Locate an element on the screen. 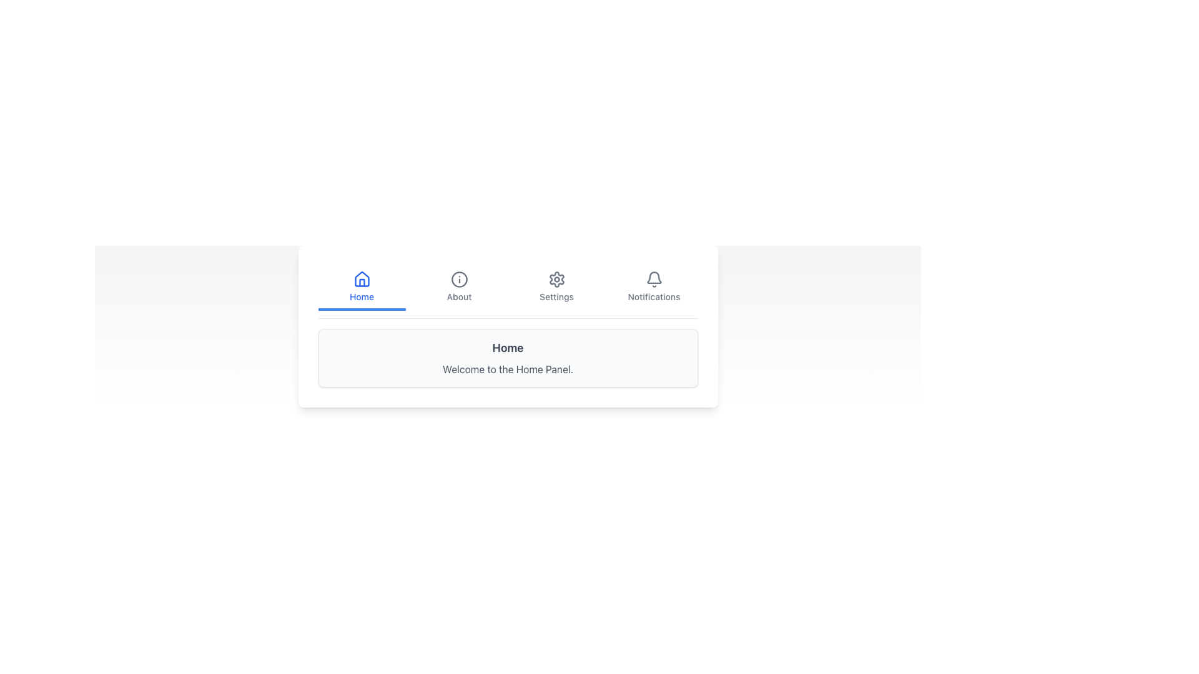  the static text element that serves as the title or heading for the panel, located at the top-center of the bordered panel is located at coordinates (508, 348).